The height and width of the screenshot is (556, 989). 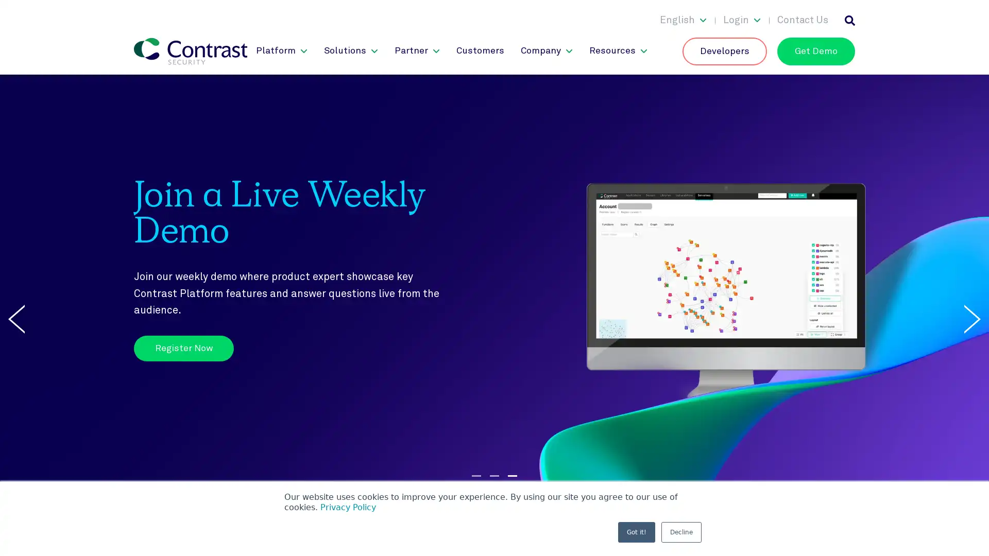 What do you see at coordinates (971, 14) in the screenshot?
I see `Close` at bounding box center [971, 14].